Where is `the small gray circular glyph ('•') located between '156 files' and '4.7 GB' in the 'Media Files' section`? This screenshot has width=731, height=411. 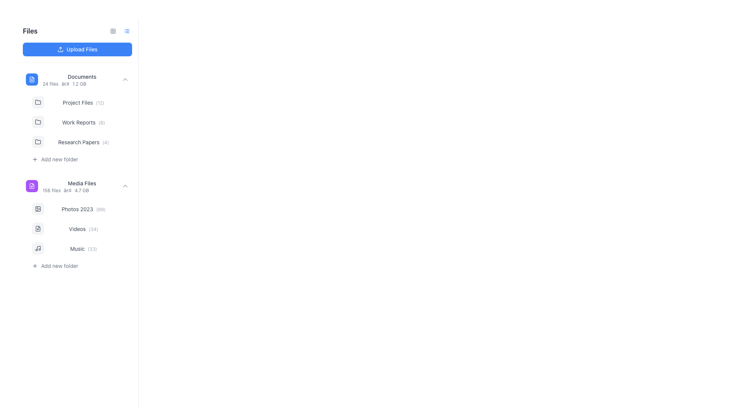 the small gray circular glyph ('•') located between '156 files' and '4.7 GB' in the 'Media Files' section is located at coordinates (67, 190).